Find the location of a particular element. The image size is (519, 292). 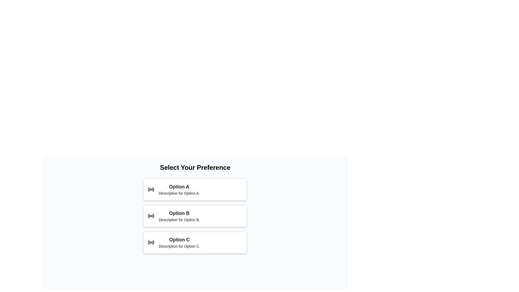

the descriptive text block of the first selectable option in the list, located below the option icon is located at coordinates (179, 189).